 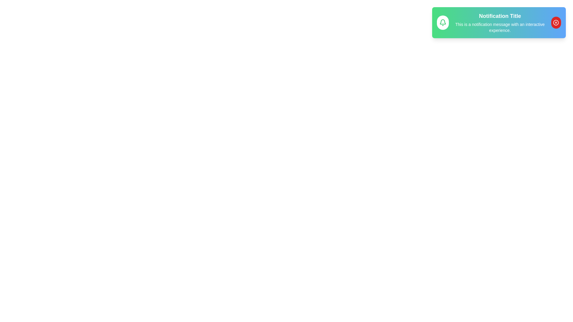 I want to click on the red close button to dismiss the notification, so click(x=555, y=22).